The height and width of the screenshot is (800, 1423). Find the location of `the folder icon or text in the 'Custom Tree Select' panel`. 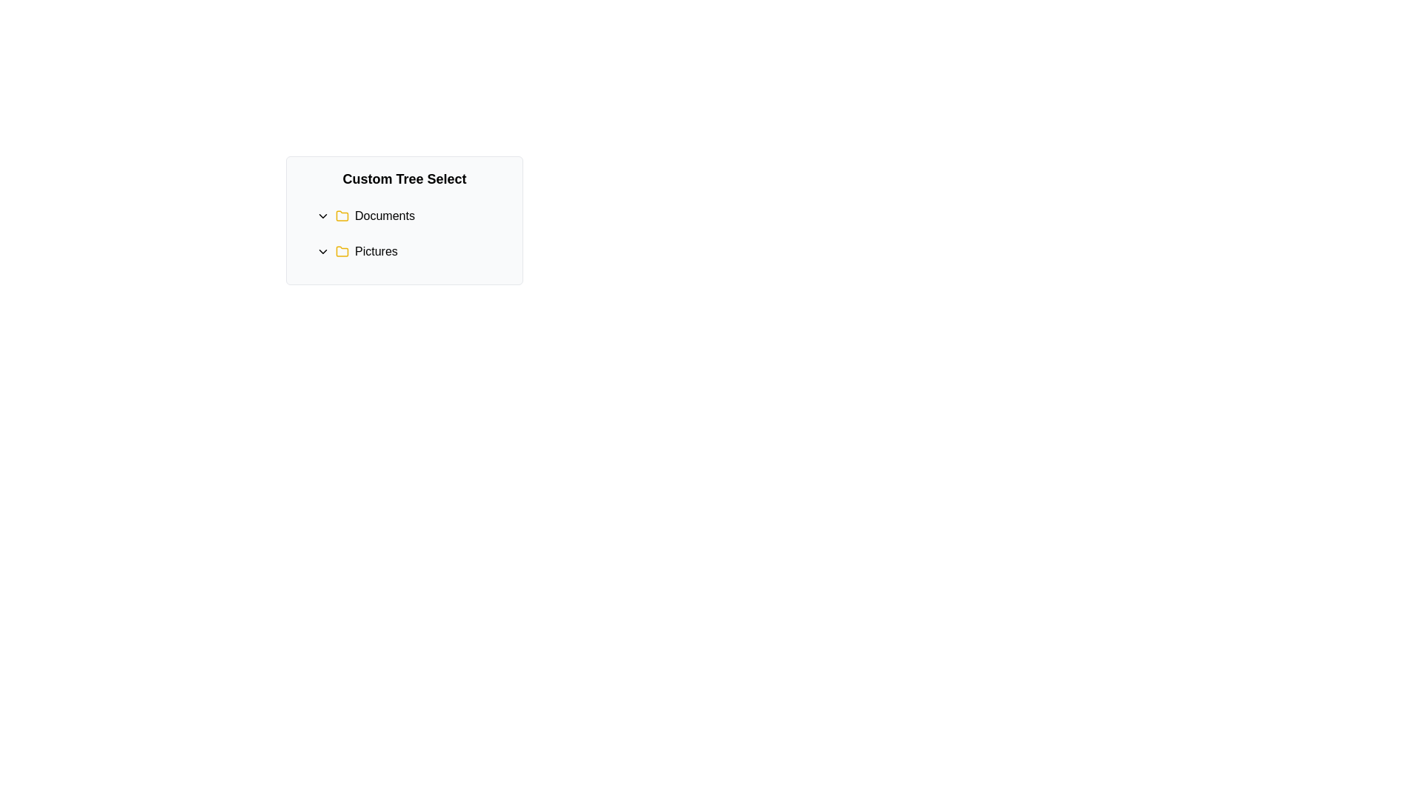

the folder icon or text in the 'Custom Tree Select' panel is located at coordinates (405, 220).